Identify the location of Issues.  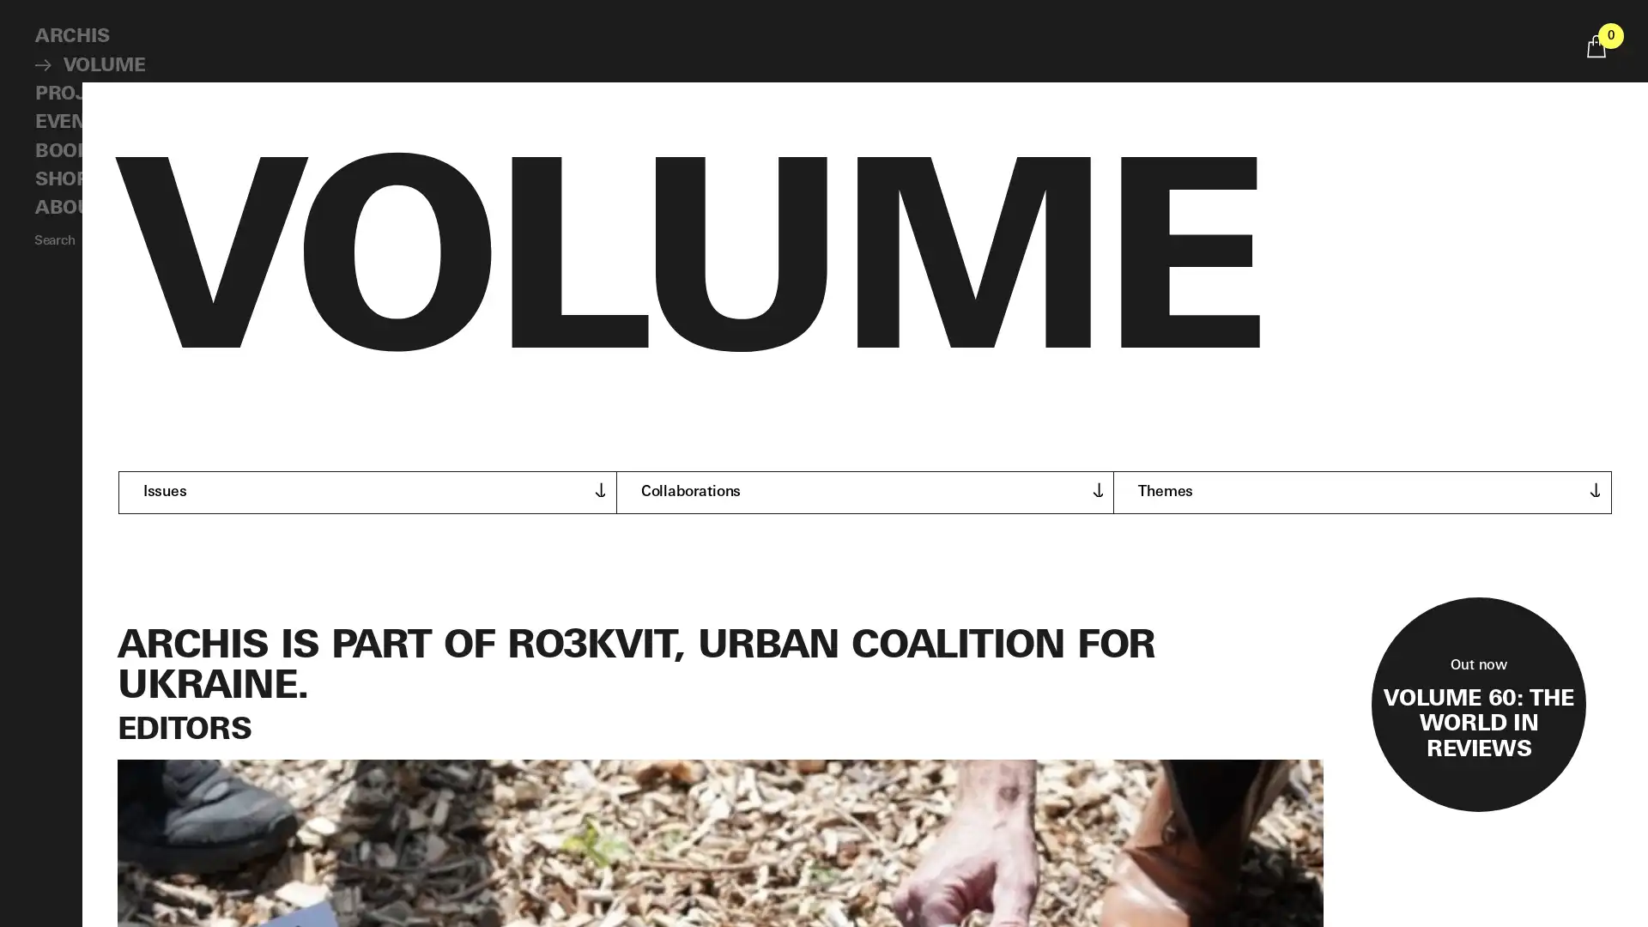
(164, 492).